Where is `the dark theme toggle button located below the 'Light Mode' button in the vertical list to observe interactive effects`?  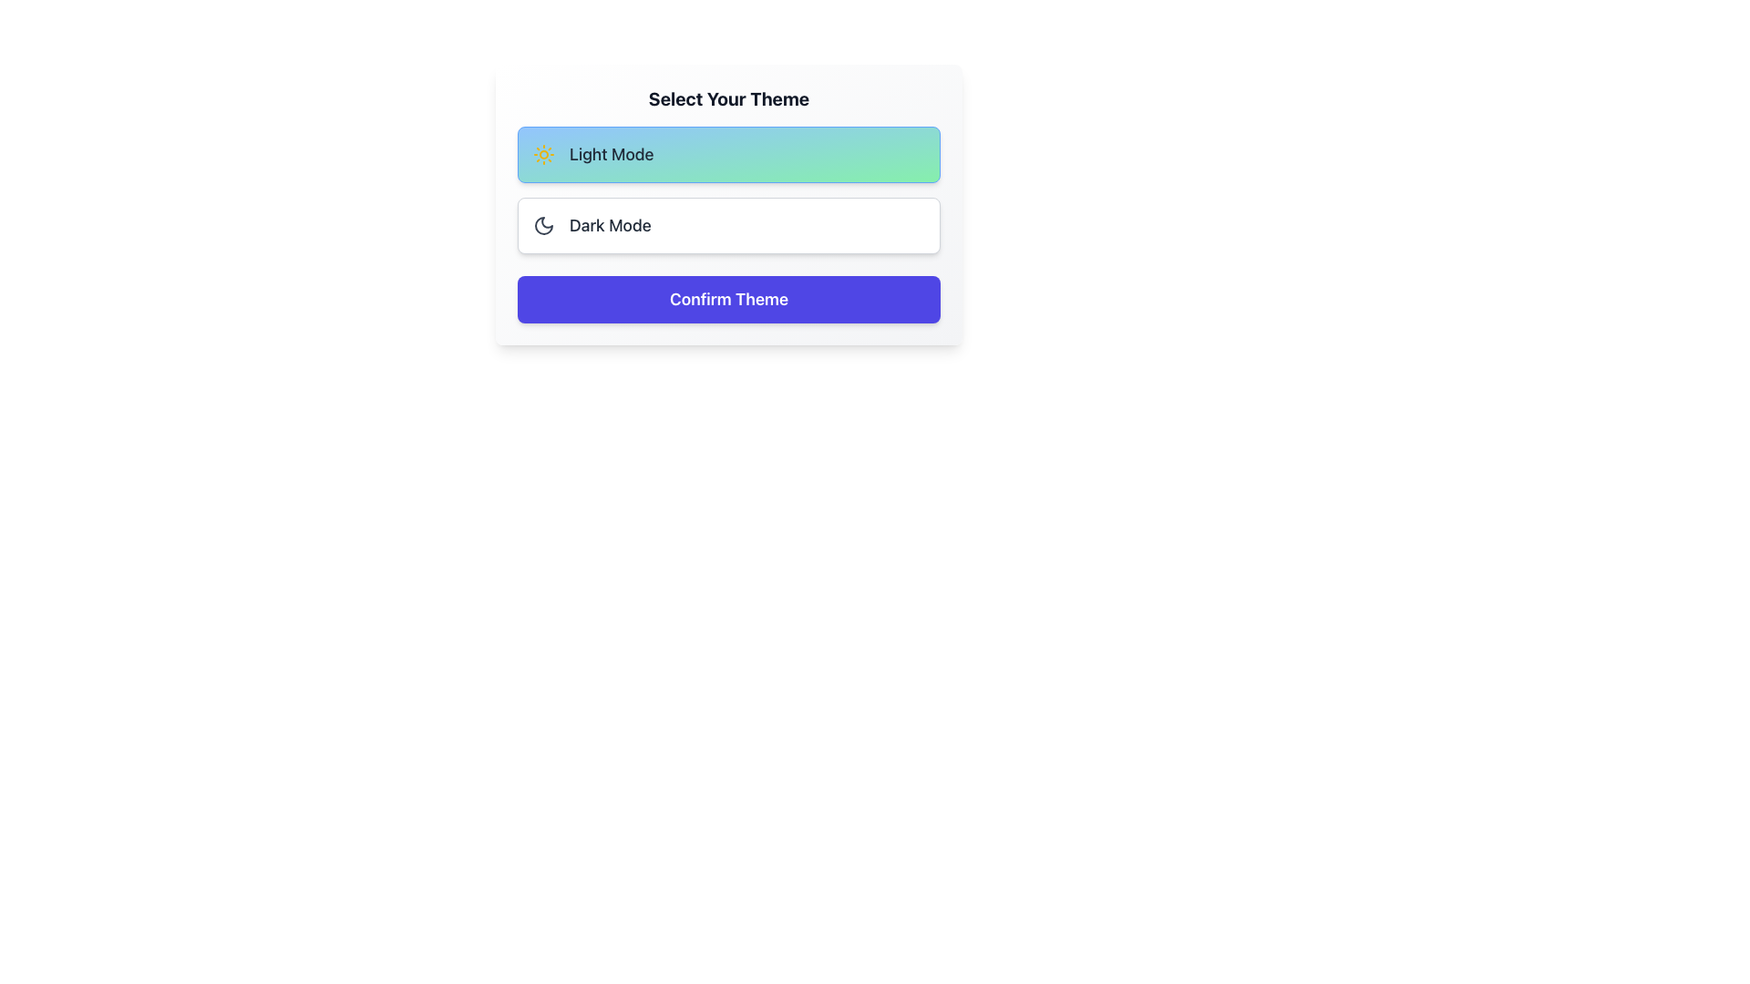 the dark theme toggle button located below the 'Light Mode' button in the vertical list to observe interactive effects is located at coordinates (729, 224).